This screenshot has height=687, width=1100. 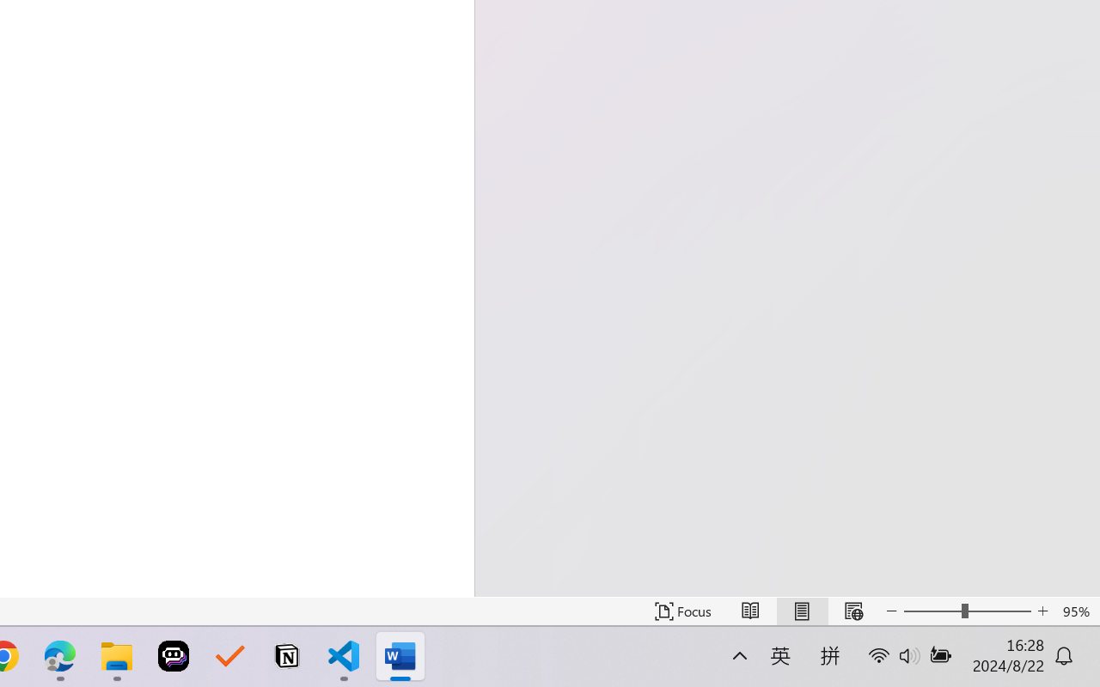 I want to click on 'Zoom 95%', so click(x=1076, y=611).